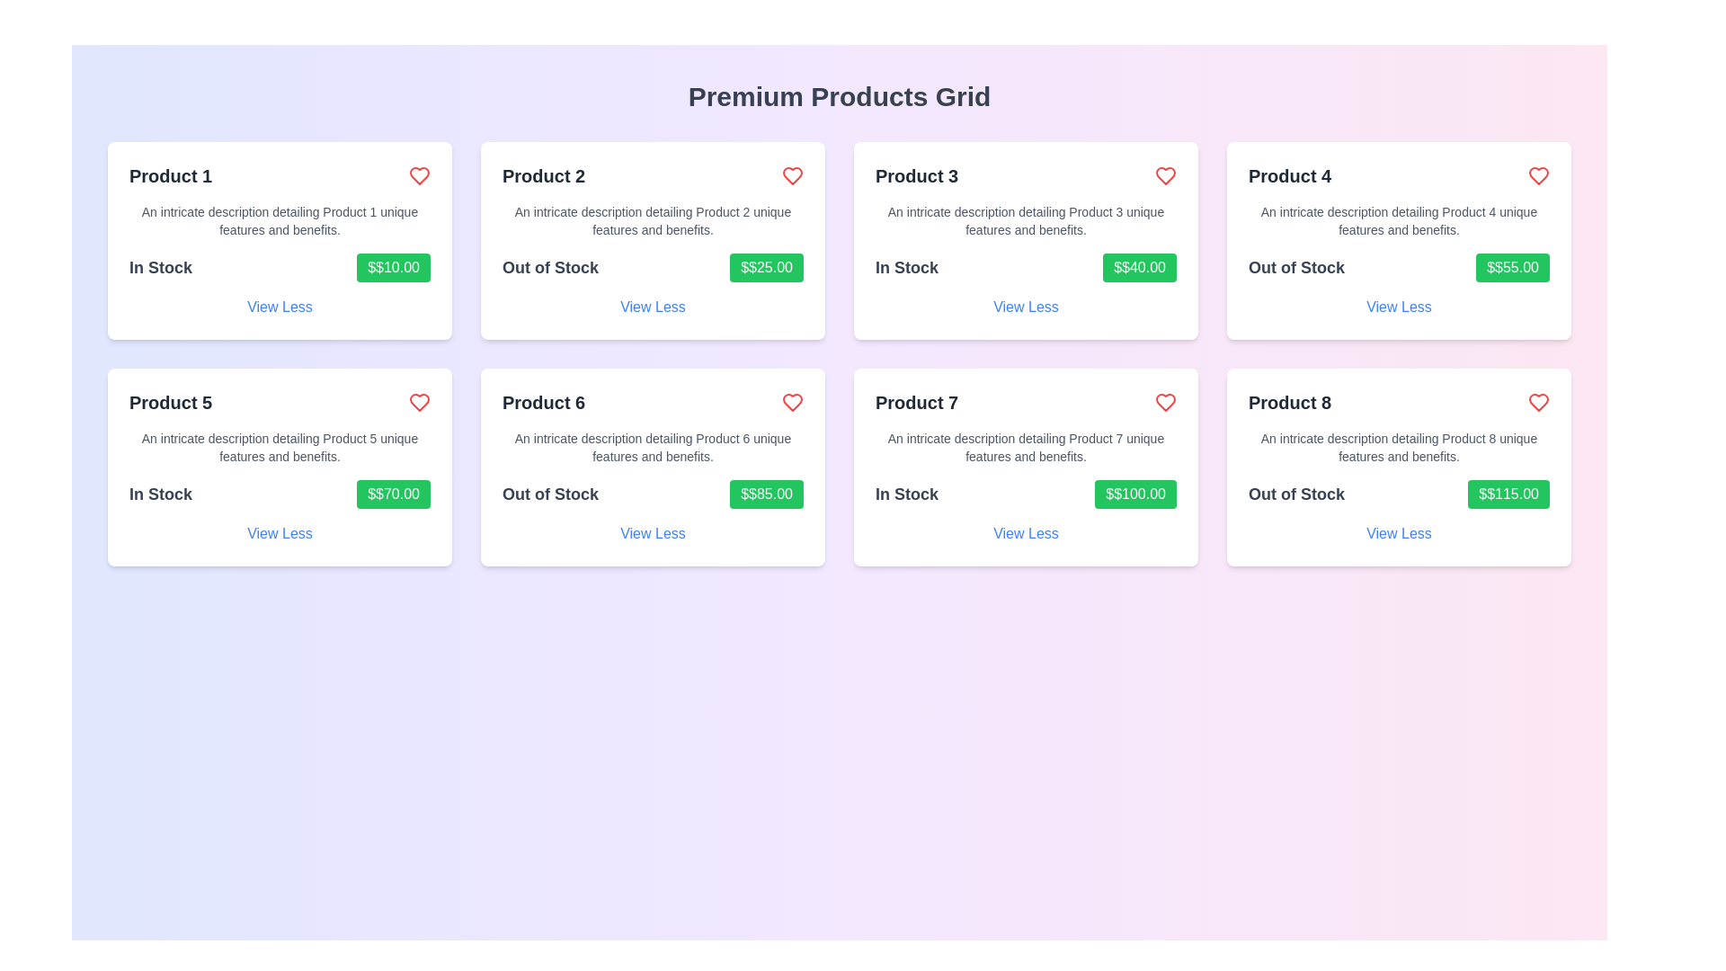 The height and width of the screenshot is (971, 1726). Describe the element at coordinates (839, 97) in the screenshot. I see `the centered header text 'Premium Products Grid' which is styled in large bold font and positioned at the top center of the interface with a gradient background` at that location.